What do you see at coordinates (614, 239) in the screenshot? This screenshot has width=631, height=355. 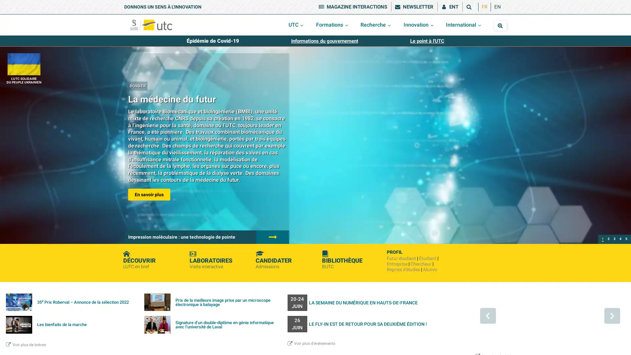 I see `CFA de lUTC, un avenir se dessine` at bounding box center [614, 239].